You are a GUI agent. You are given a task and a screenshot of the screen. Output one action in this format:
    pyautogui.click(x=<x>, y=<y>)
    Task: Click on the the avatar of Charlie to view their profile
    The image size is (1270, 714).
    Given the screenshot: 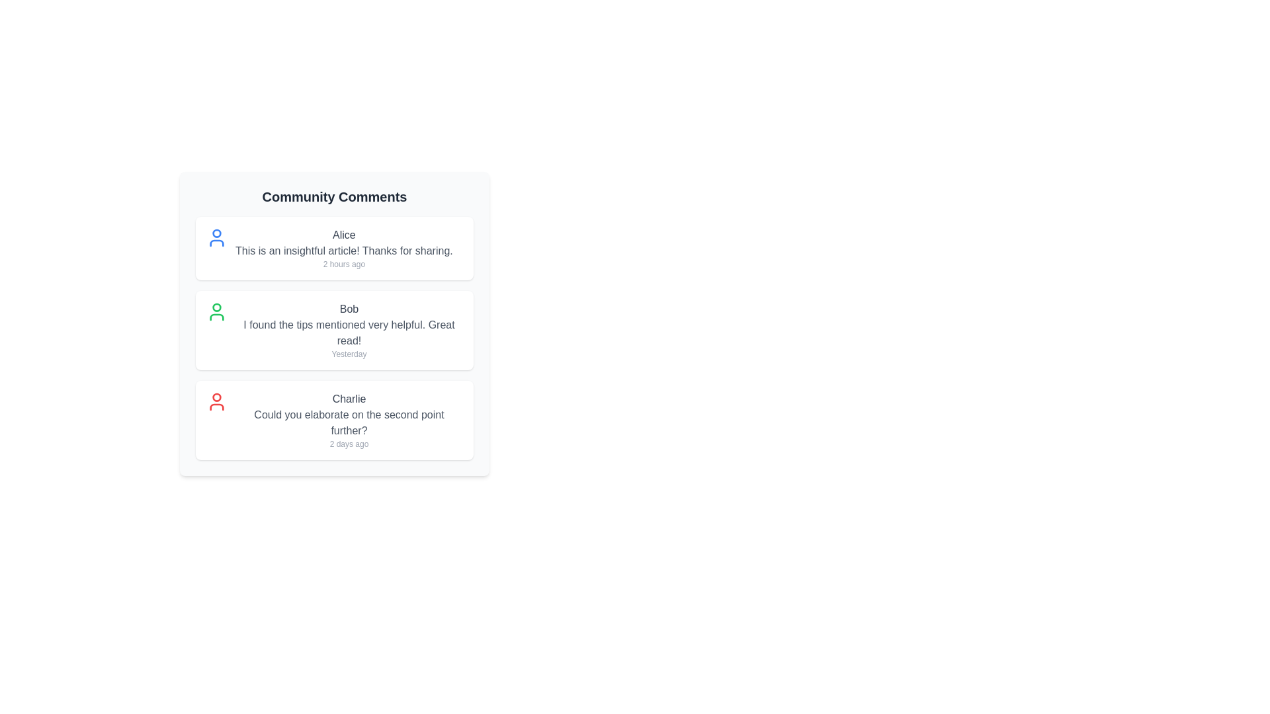 What is the action you would take?
    pyautogui.click(x=216, y=401)
    